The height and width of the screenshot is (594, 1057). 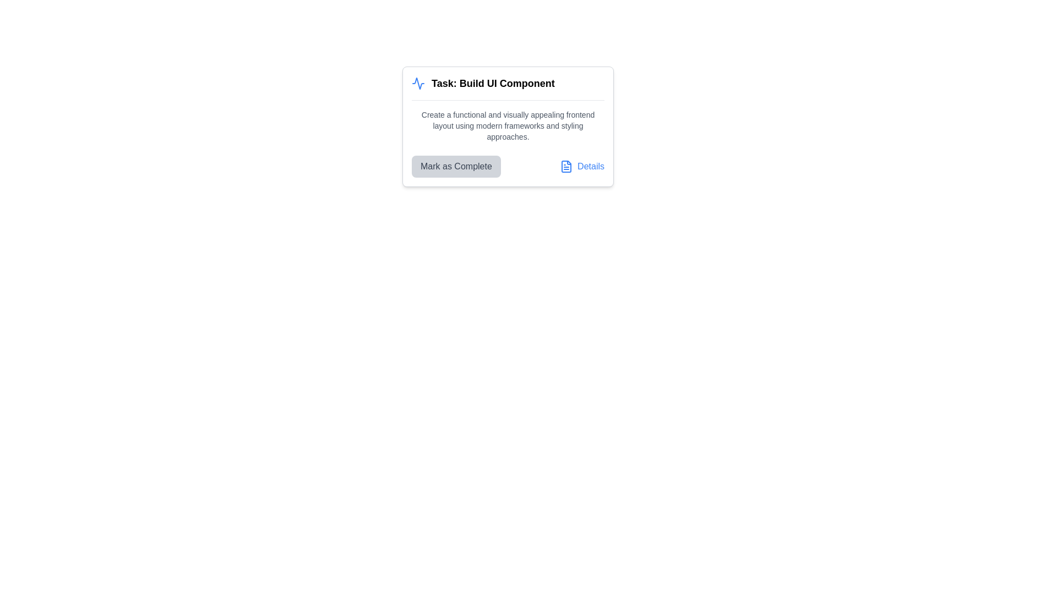 What do you see at coordinates (417, 82) in the screenshot?
I see `the SVG icon located at the top-left of the task block, adjacent to the task title 'Task: Build UI Component'` at bounding box center [417, 82].